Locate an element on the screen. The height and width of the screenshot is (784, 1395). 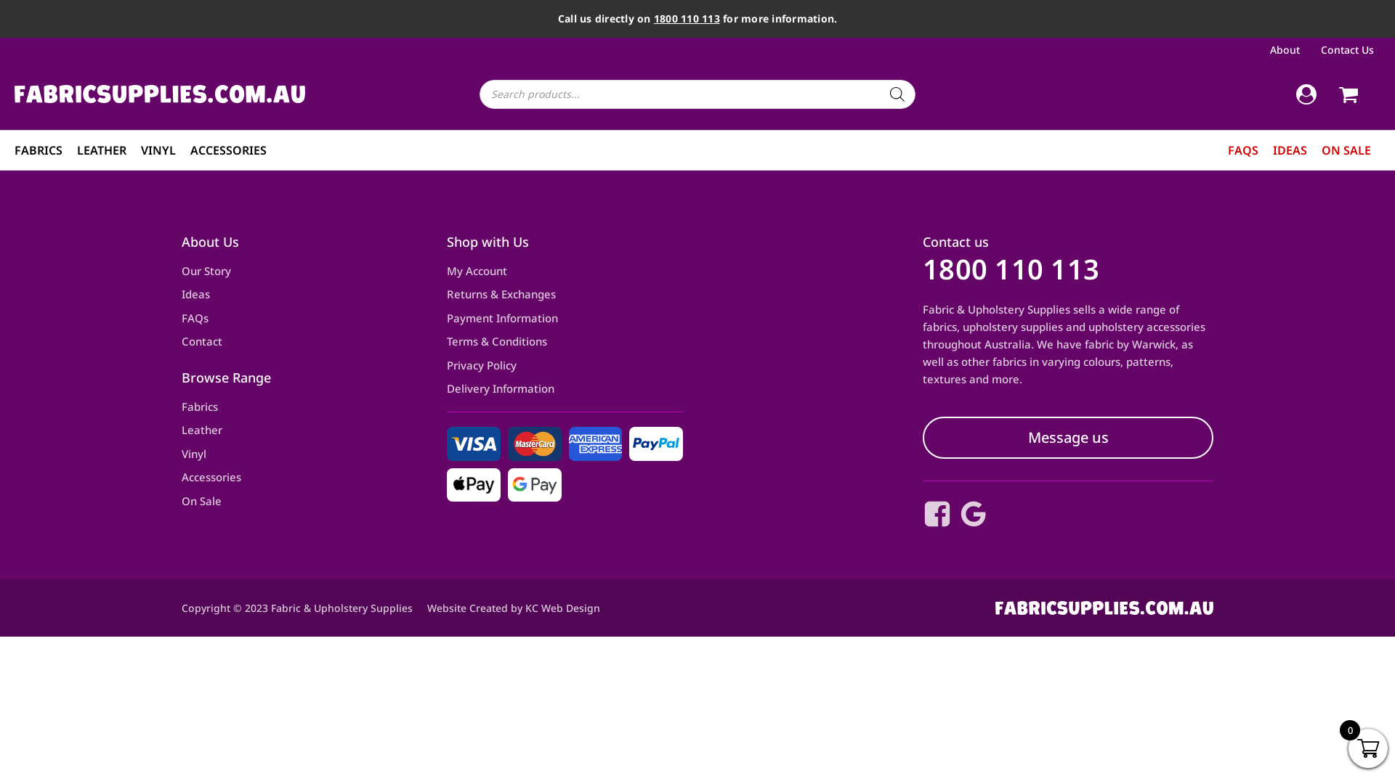
'Delivery Information' is located at coordinates (501, 388).